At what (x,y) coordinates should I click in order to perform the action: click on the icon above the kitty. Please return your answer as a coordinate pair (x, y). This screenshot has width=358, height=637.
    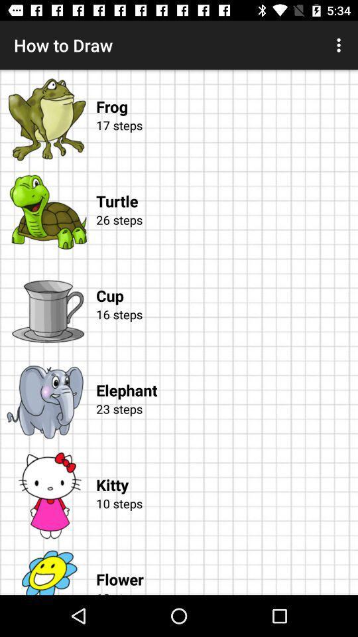
    Looking at the image, I should click on (224, 423).